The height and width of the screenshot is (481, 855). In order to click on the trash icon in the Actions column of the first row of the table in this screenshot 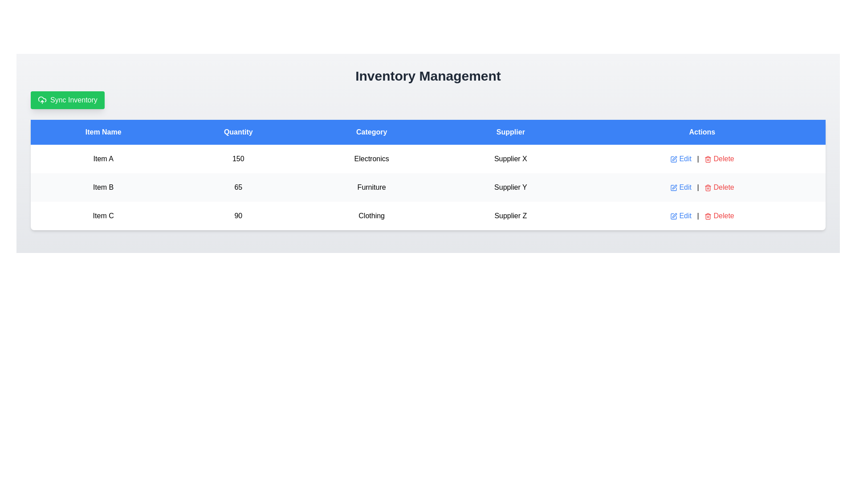, I will do `click(719, 159)`.